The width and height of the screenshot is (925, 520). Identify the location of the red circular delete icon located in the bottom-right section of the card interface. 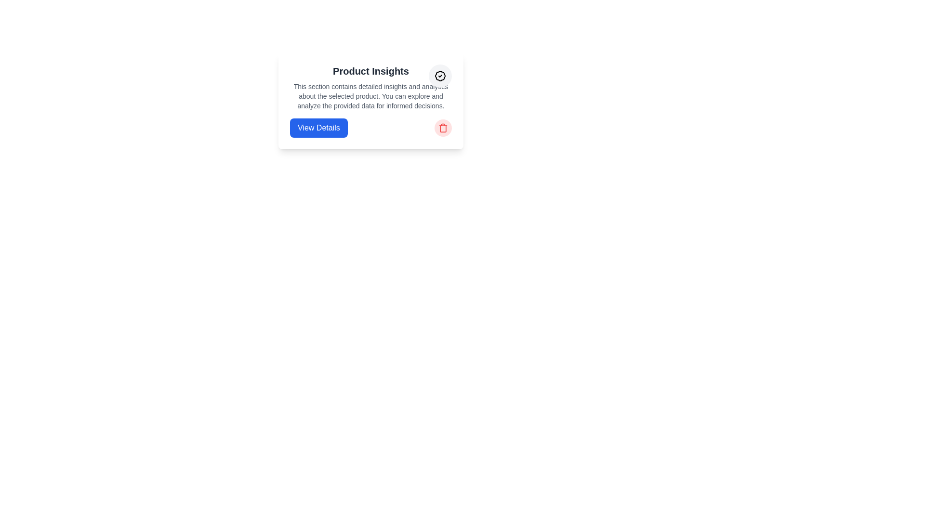
(443, 128).